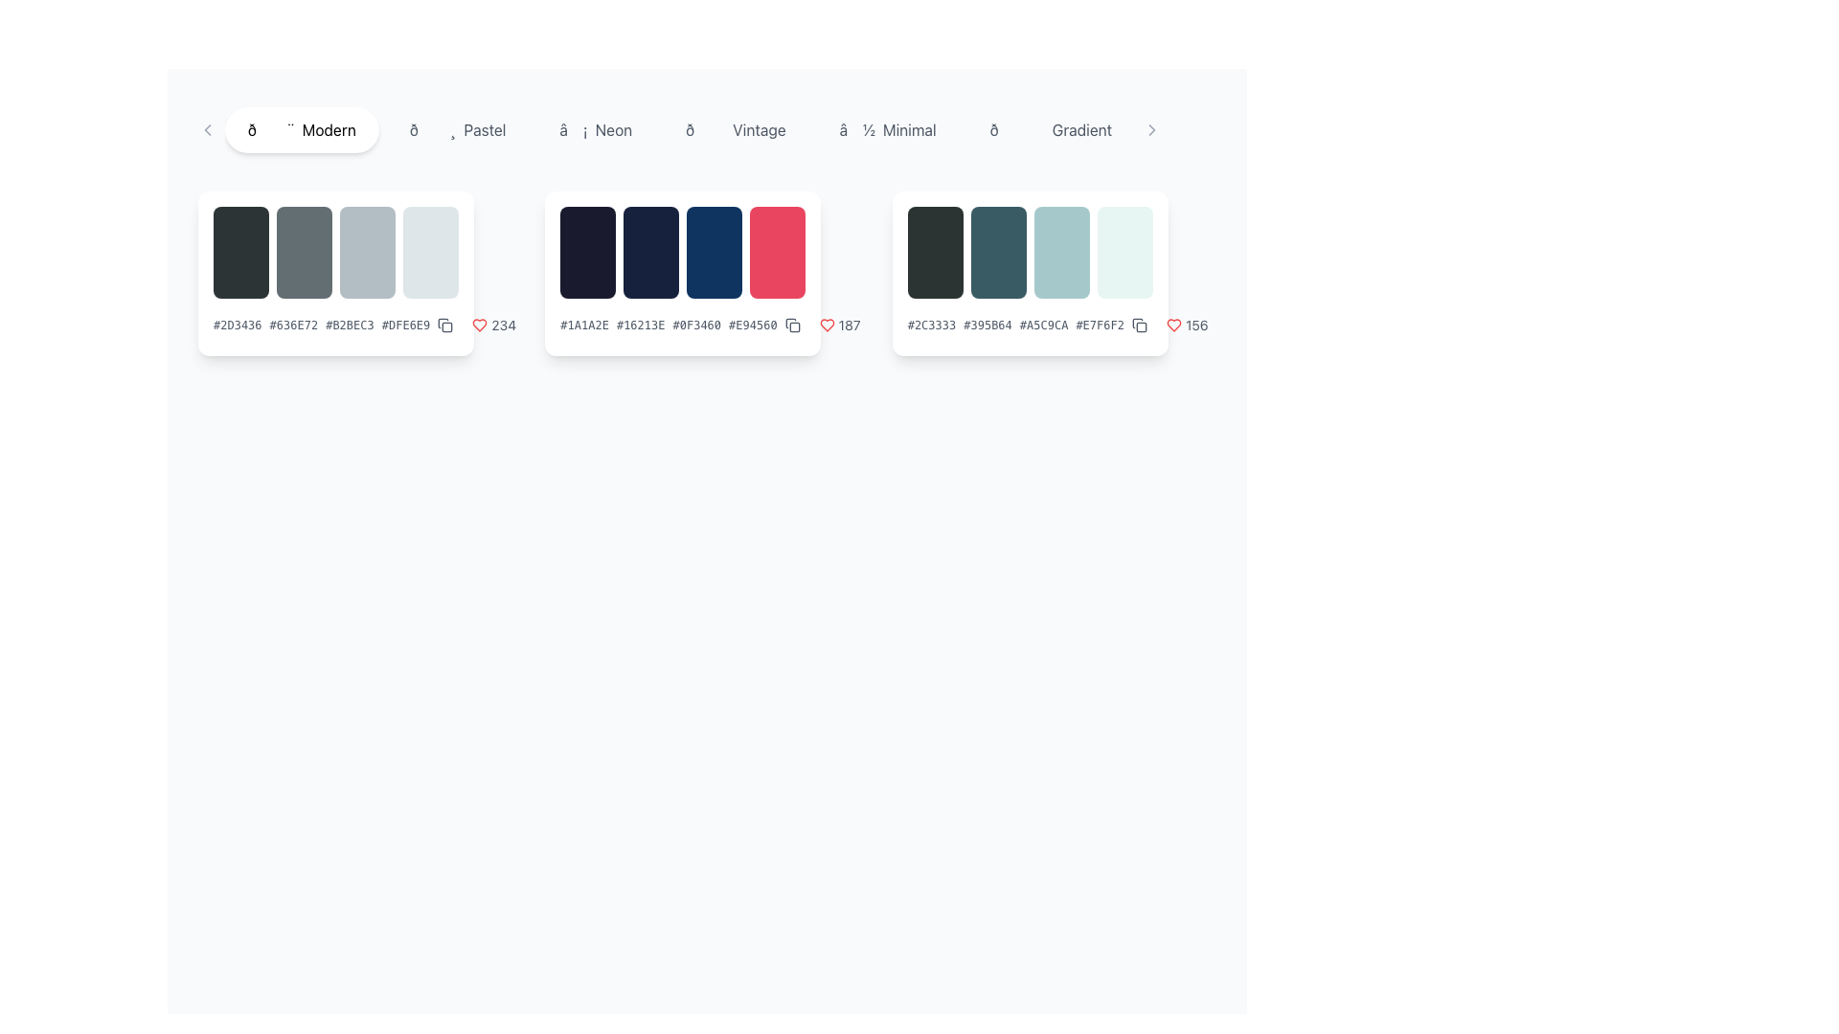  What do you see at coordinates (651, 251) in the screenshot?
I see `the second color swatch in the second palette, which is represented by the hexadecimal color code '#1A1A2E'` at bounding box center [651, 251].